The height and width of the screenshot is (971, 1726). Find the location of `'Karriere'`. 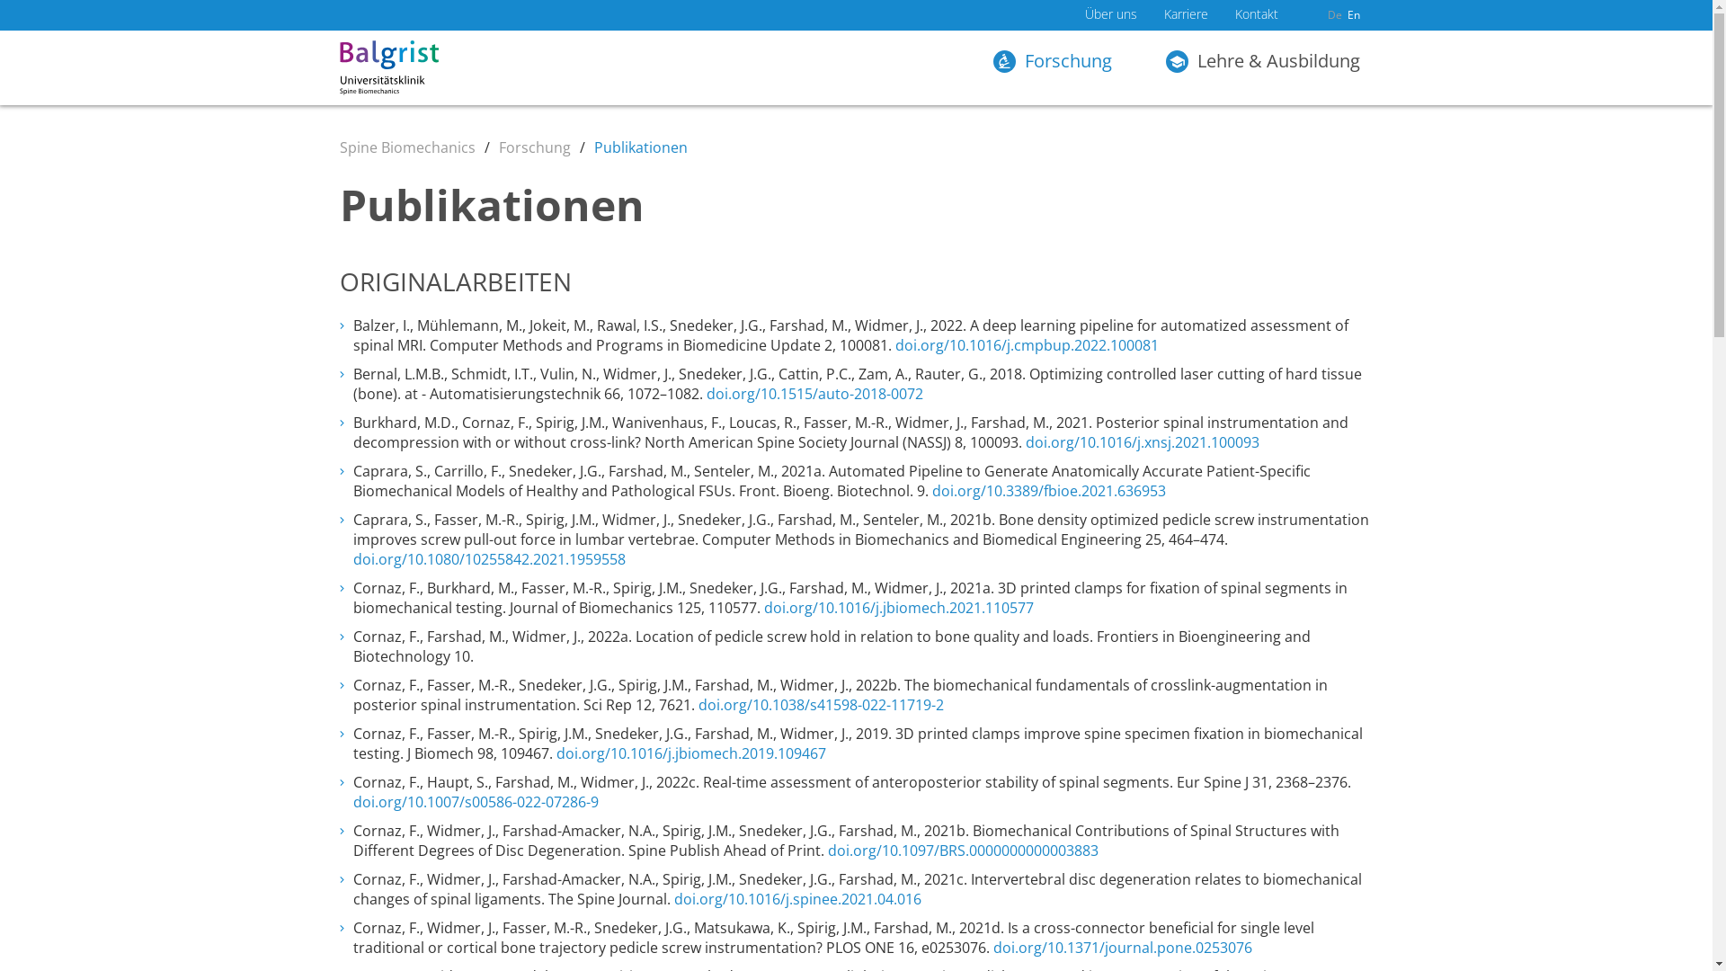

'Karriere' is located at coordinates (1185, 17).